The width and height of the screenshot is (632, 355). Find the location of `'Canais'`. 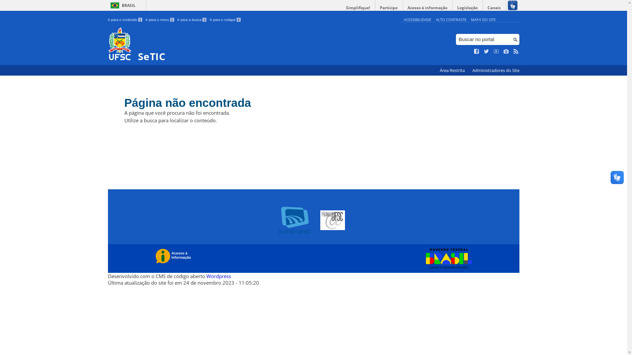

'Canais' is located at coordinates (494, 8).